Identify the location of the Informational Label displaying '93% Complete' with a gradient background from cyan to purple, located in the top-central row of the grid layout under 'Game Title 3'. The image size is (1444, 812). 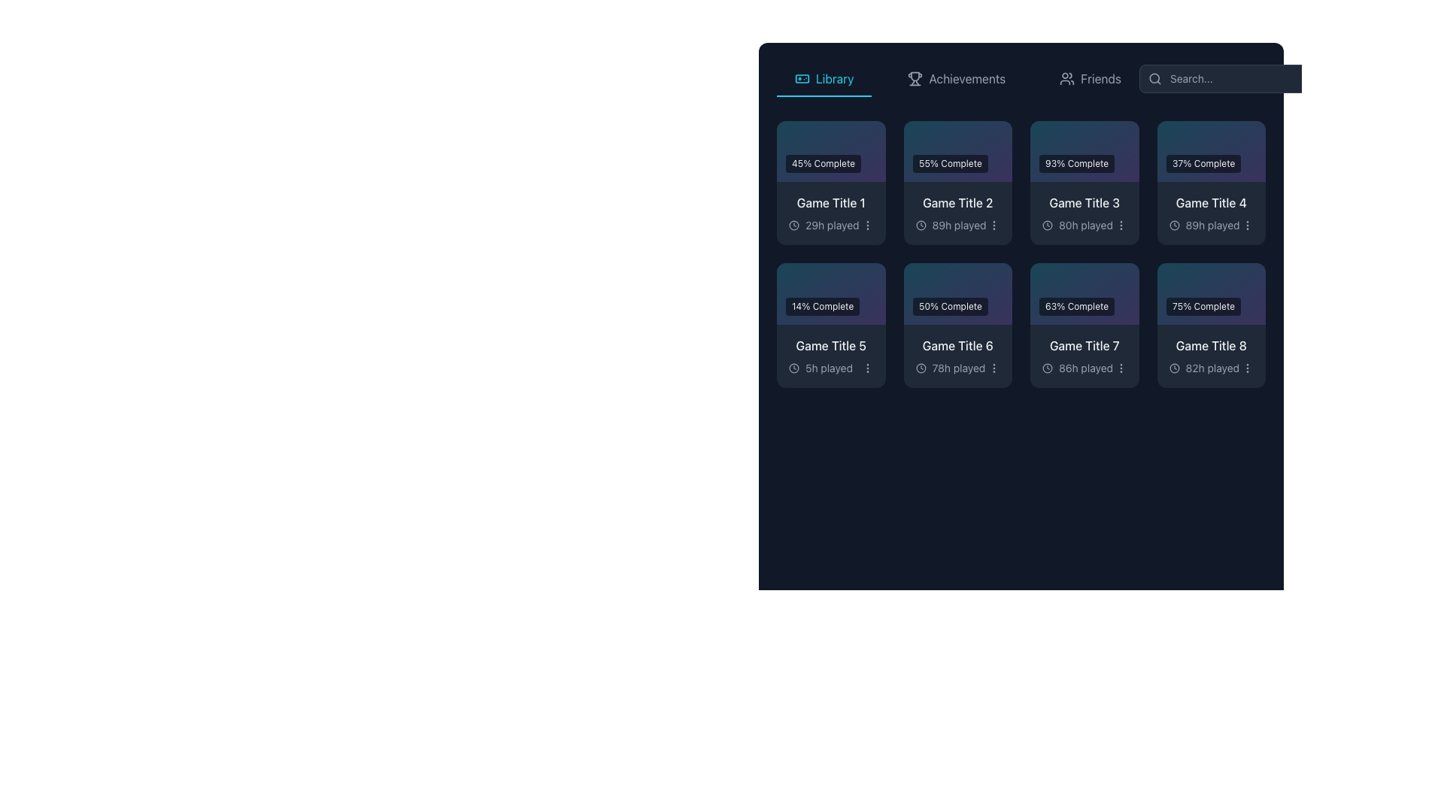
(1085, 151).